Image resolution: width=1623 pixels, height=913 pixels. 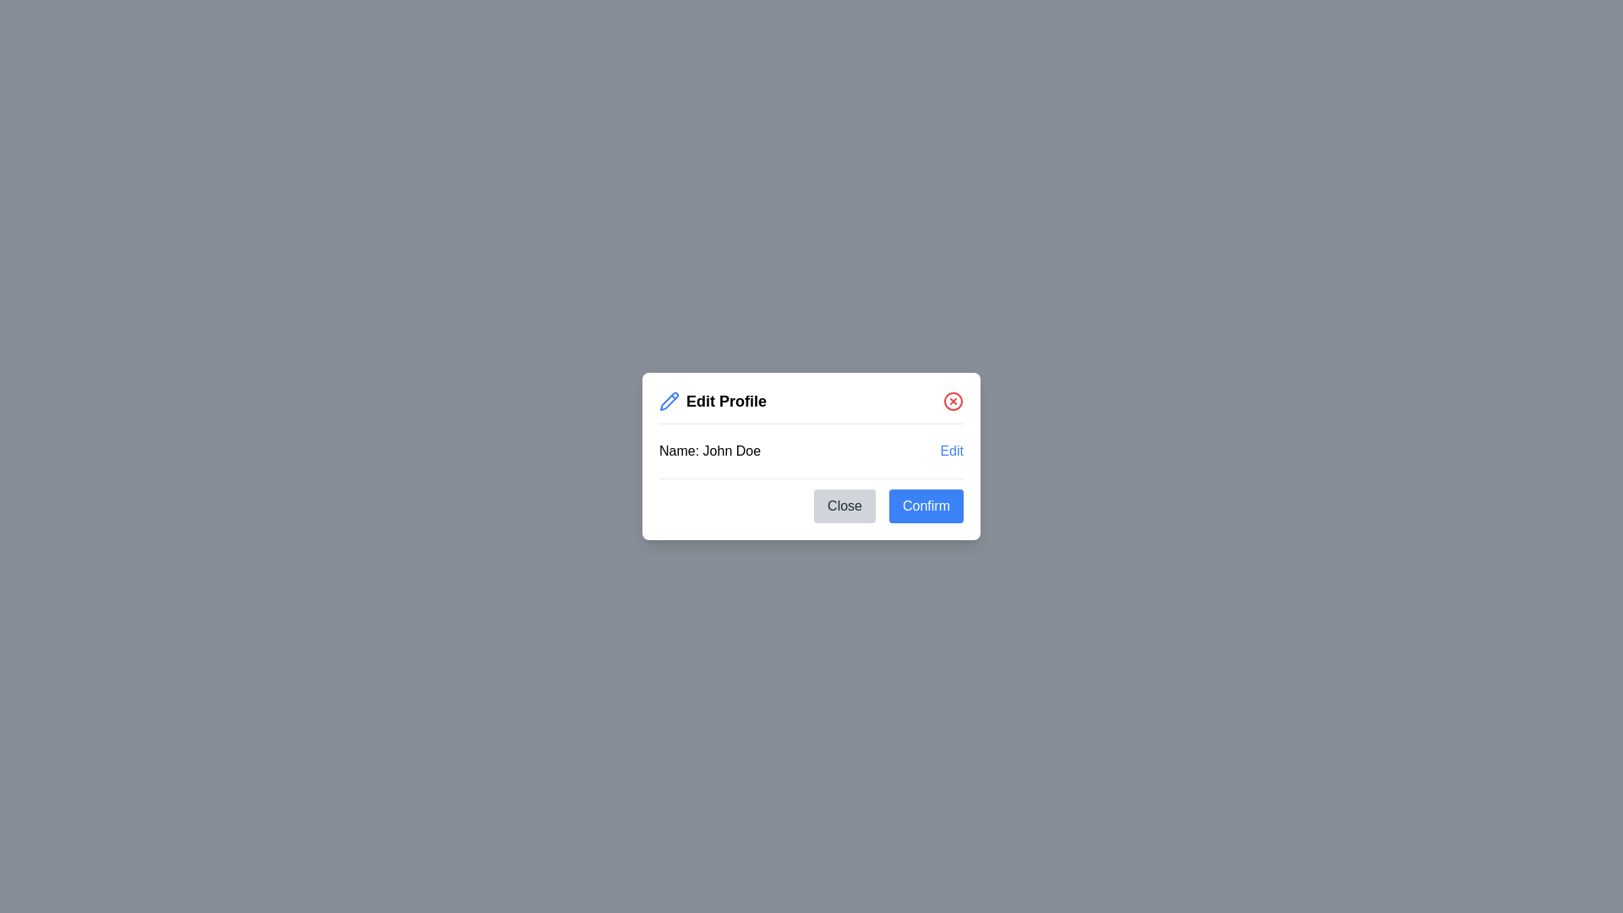 What do you see at coordinates (726, 401) in the screenshot?
I see `the text label that serves as the title for the modal indicating its purpose related to editing a profile, located at the top-left of the modal window` at bounding box center [726, 401].